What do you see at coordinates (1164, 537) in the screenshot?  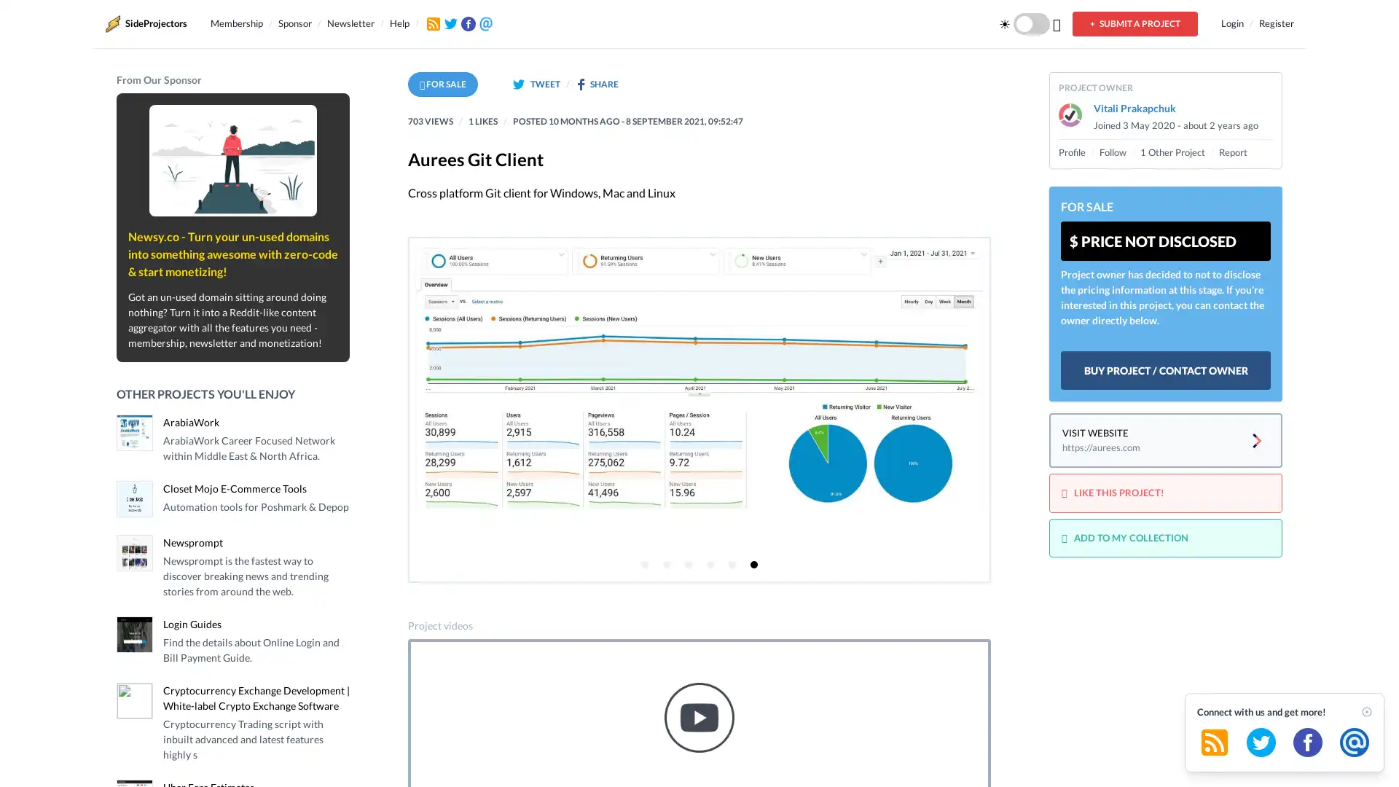 I see `ADD TO MY COLLECTION` at bounding box center [1164, 537].